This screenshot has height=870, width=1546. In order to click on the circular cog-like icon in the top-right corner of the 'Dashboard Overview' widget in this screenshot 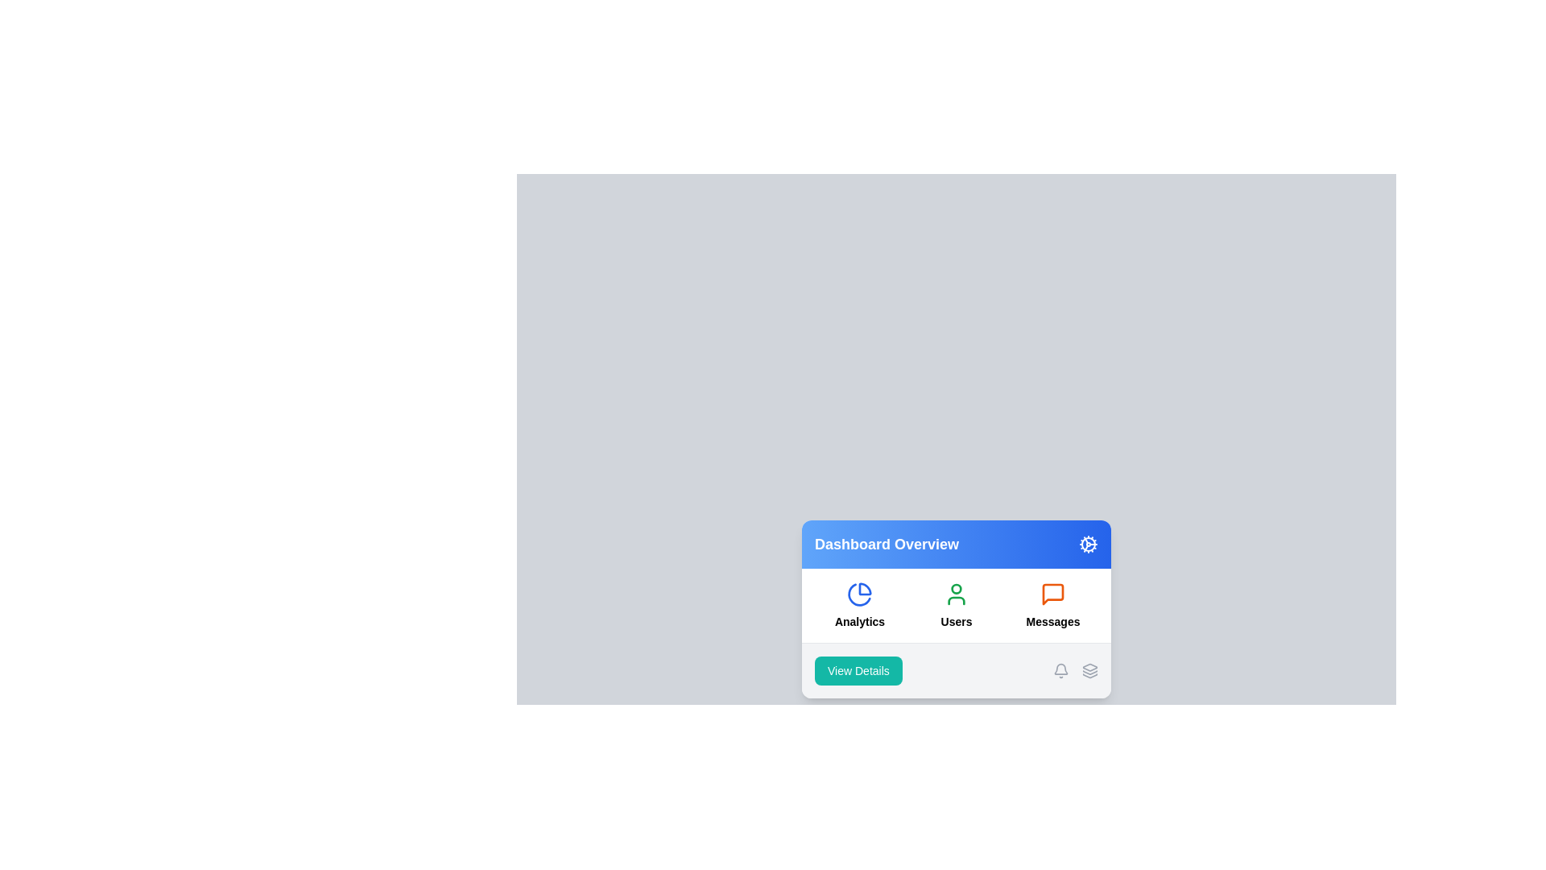, I will do `click(1089, 544)`.